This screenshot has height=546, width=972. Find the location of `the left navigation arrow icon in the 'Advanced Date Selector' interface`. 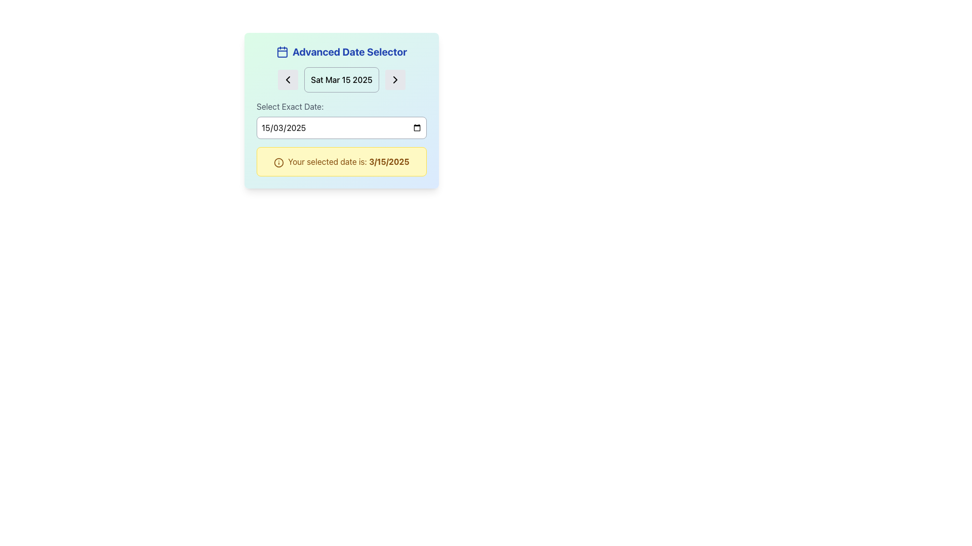

the left navigation arrow icon in the 'Advanced Date Selector' interface is located at coordinates (288, 79).